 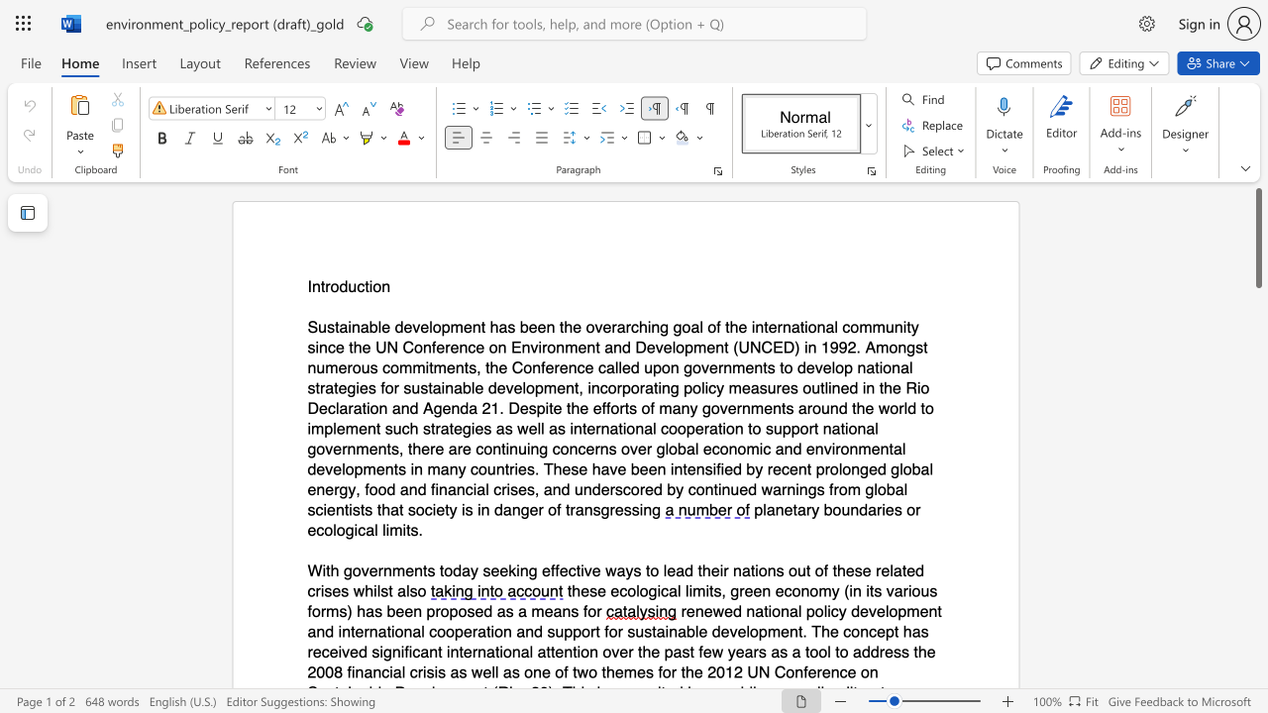 What do you see at coordinates (1257, 582) in the screenshot?
I see `the page's right scrollbar for downward movement` at bounding box center [1257, 582].